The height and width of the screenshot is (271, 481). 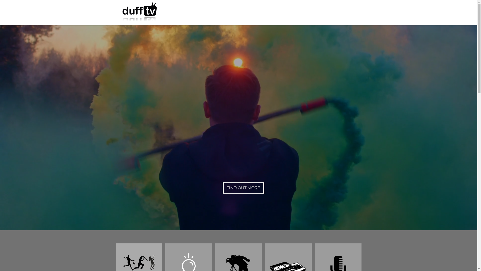 I want to click on 'FIND OUT MORE', so click(x=222, y=188).